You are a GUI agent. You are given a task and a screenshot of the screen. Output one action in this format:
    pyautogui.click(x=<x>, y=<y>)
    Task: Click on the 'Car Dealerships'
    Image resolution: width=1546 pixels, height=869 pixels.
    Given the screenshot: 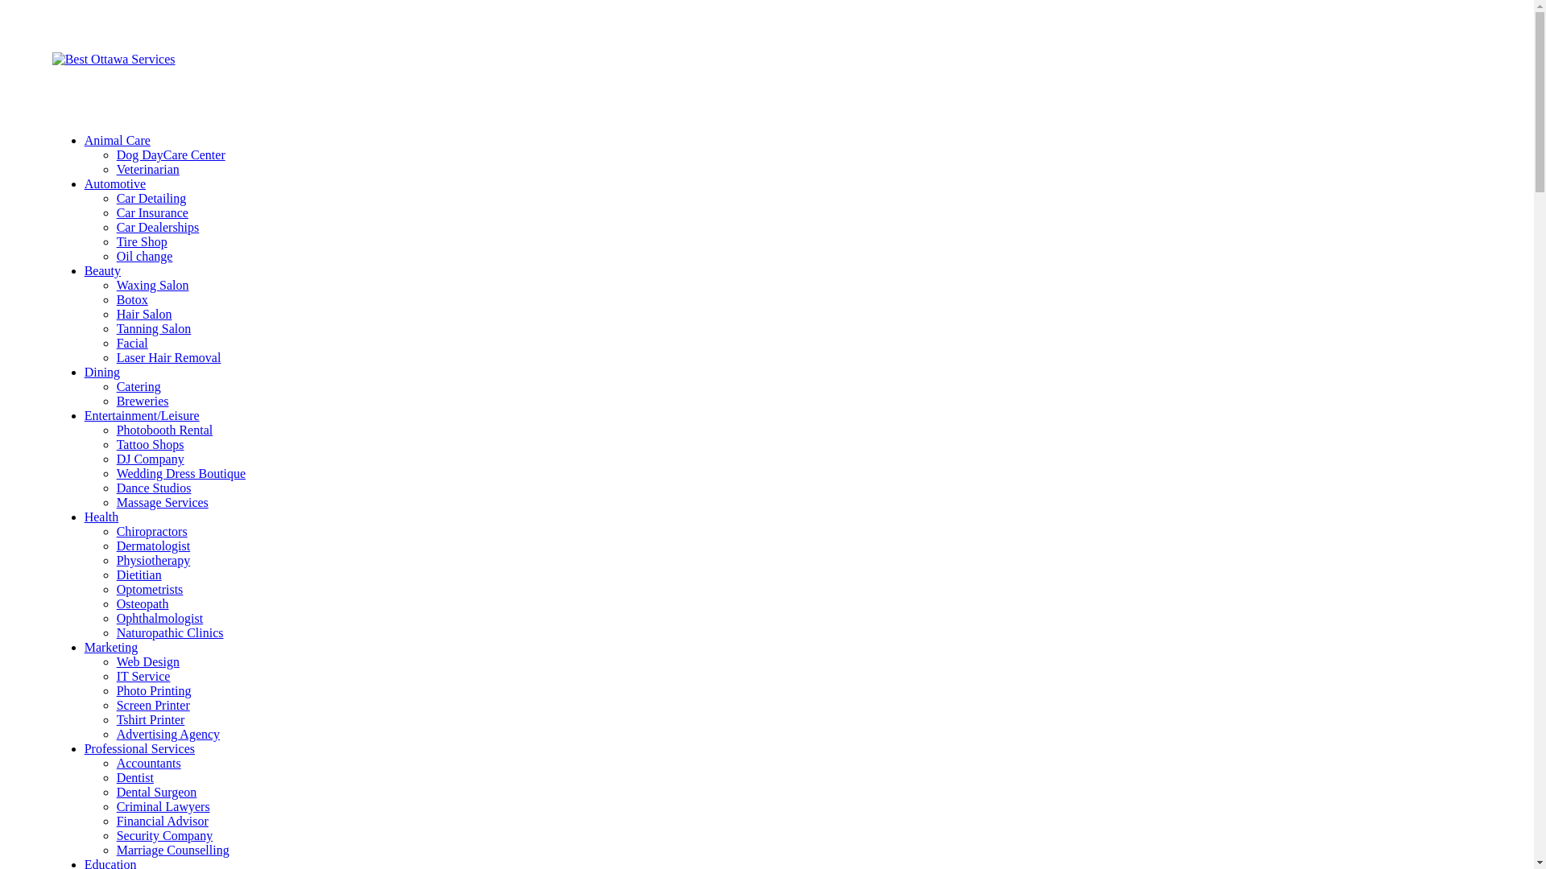 What is the action you would take?
    pyautogui.click(x=158, y=227)
    